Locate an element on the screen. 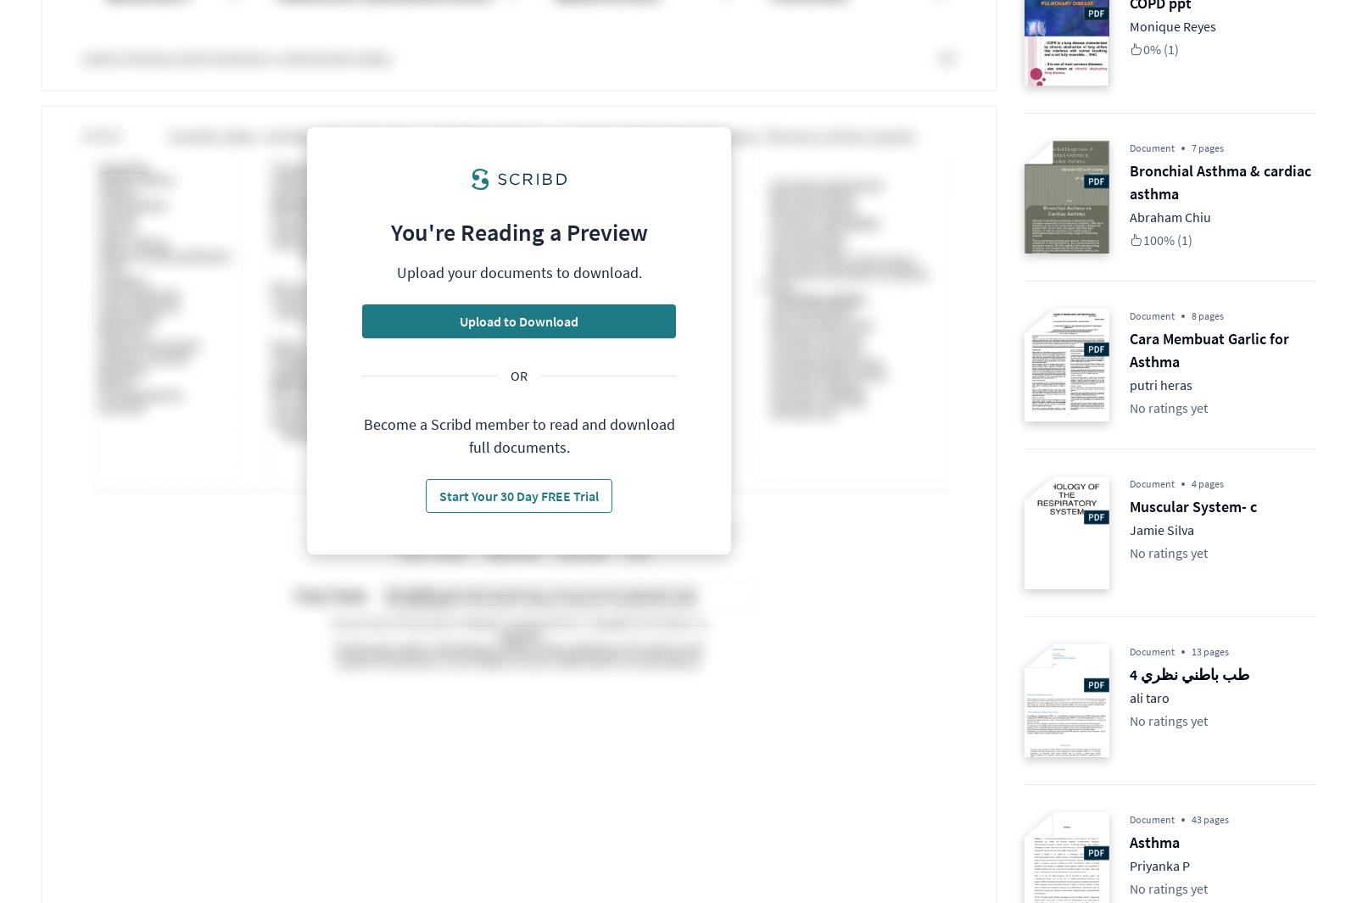 The height and width of the screenshot is (903, 1357). 'Jamie Silva' is located at coordinates (1160, 530).